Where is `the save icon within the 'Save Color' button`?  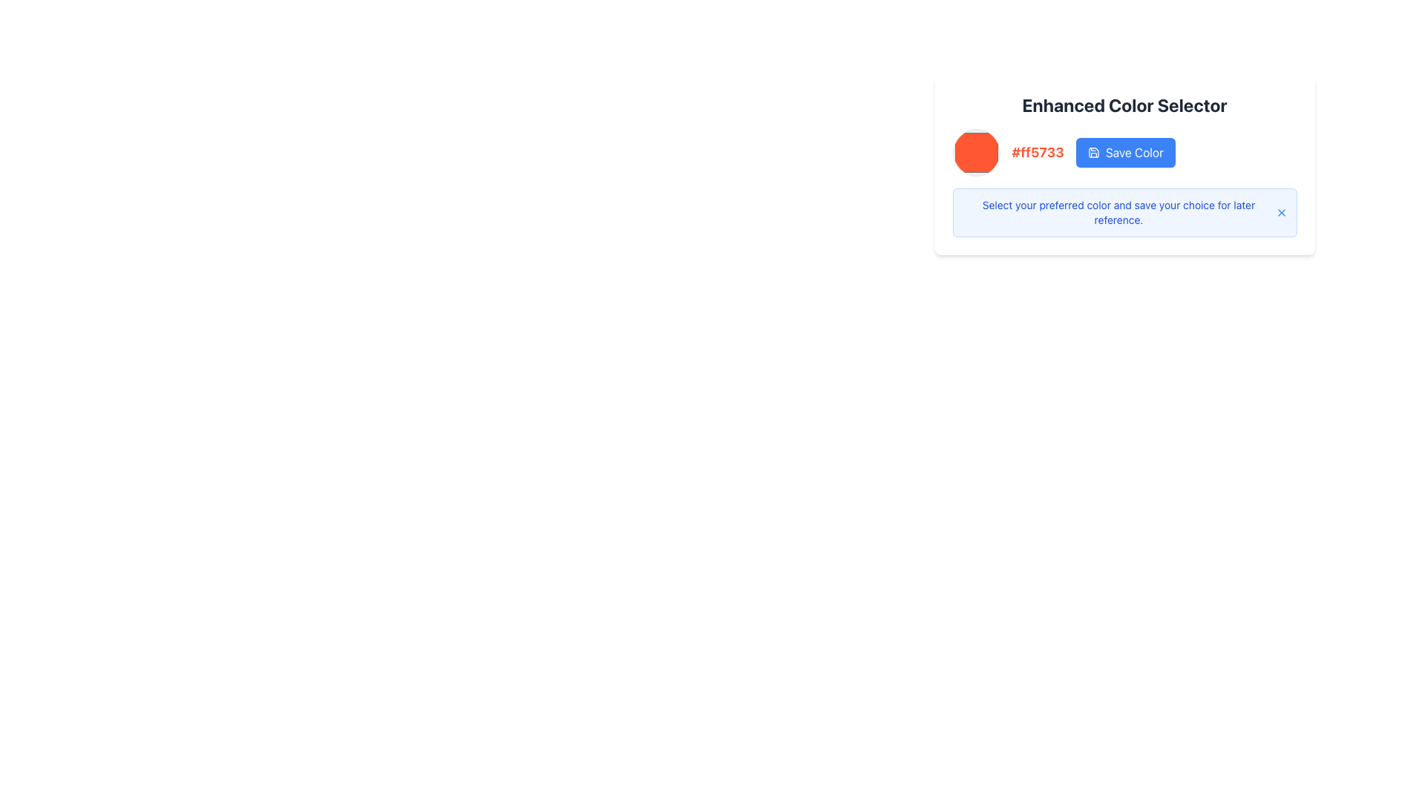 the save icon within the 'Save Color' button is located at coordinates (1093, 152).